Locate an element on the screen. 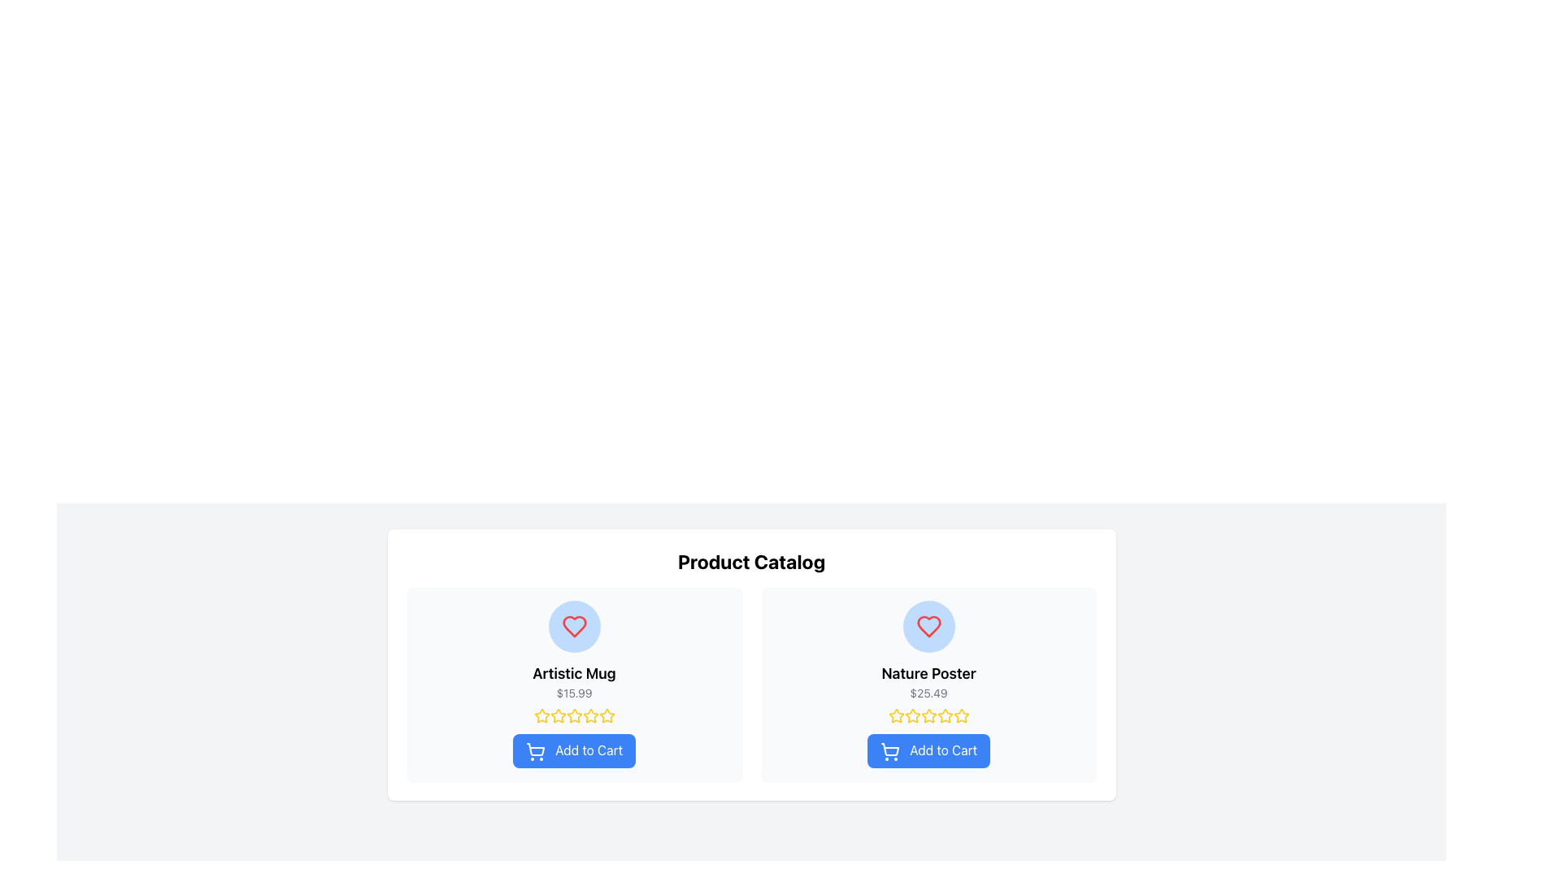  the second rating star icon for the 'Nature Poster' product is located at coordinates (912, 715).